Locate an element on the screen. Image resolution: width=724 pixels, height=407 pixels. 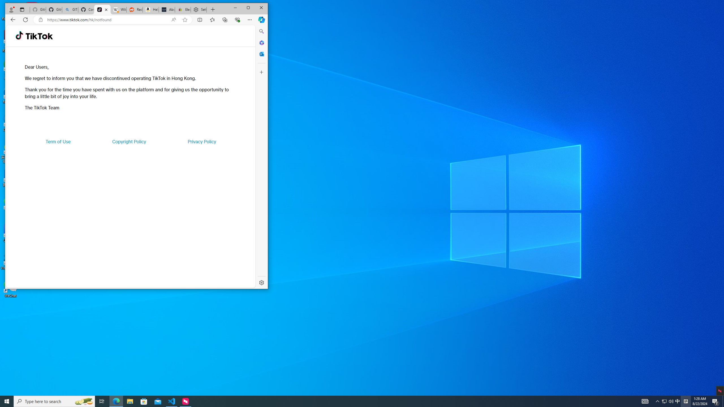
'TikTok' is located at coordinates (39, 36).